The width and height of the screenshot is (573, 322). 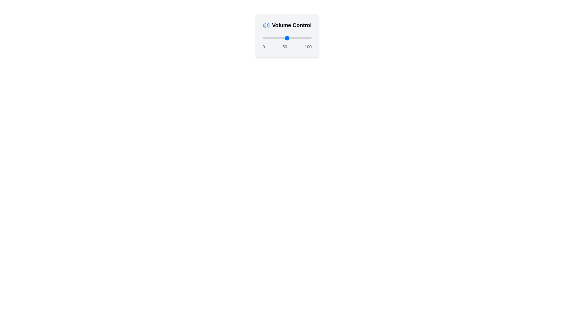 I want to click on the volume control icon located to the left of the 'Volume Control' title, so click(x=266, y=25).